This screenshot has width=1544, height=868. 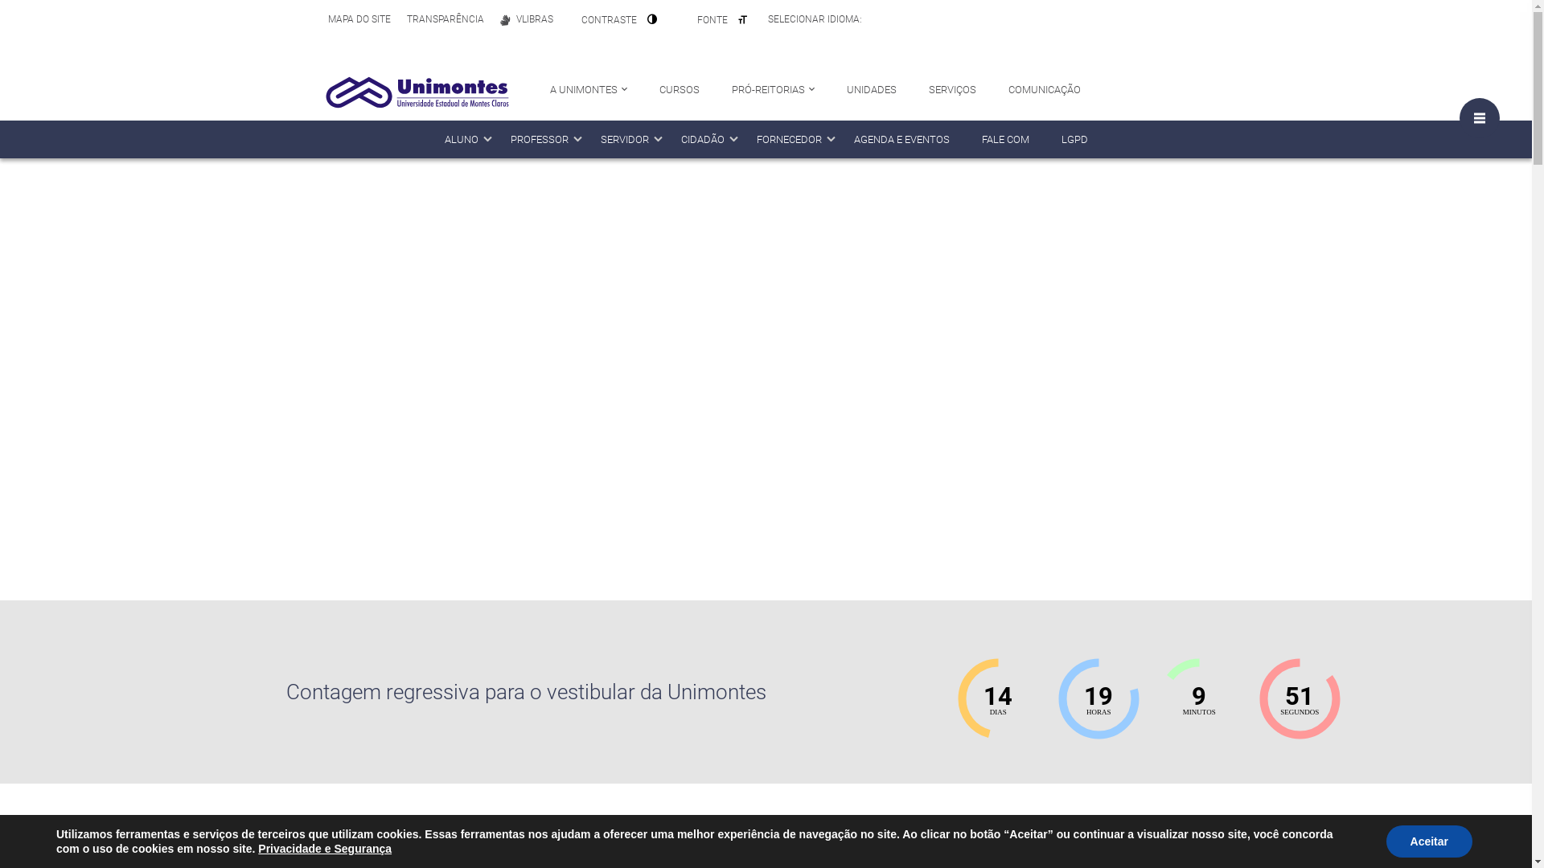 I want to click on 'LGPD', so click(x=1045, y=138).